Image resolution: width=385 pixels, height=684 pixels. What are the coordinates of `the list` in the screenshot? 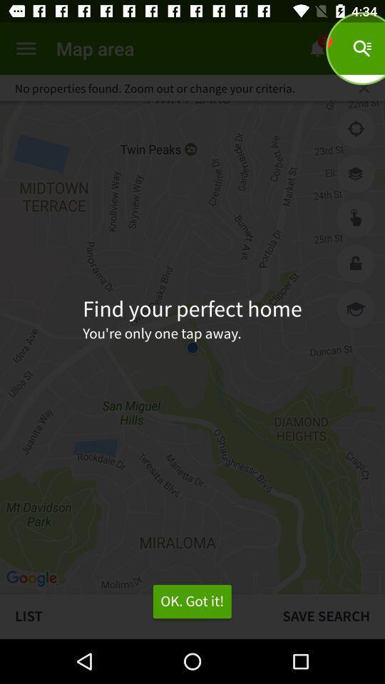 It's located at (133, 616).